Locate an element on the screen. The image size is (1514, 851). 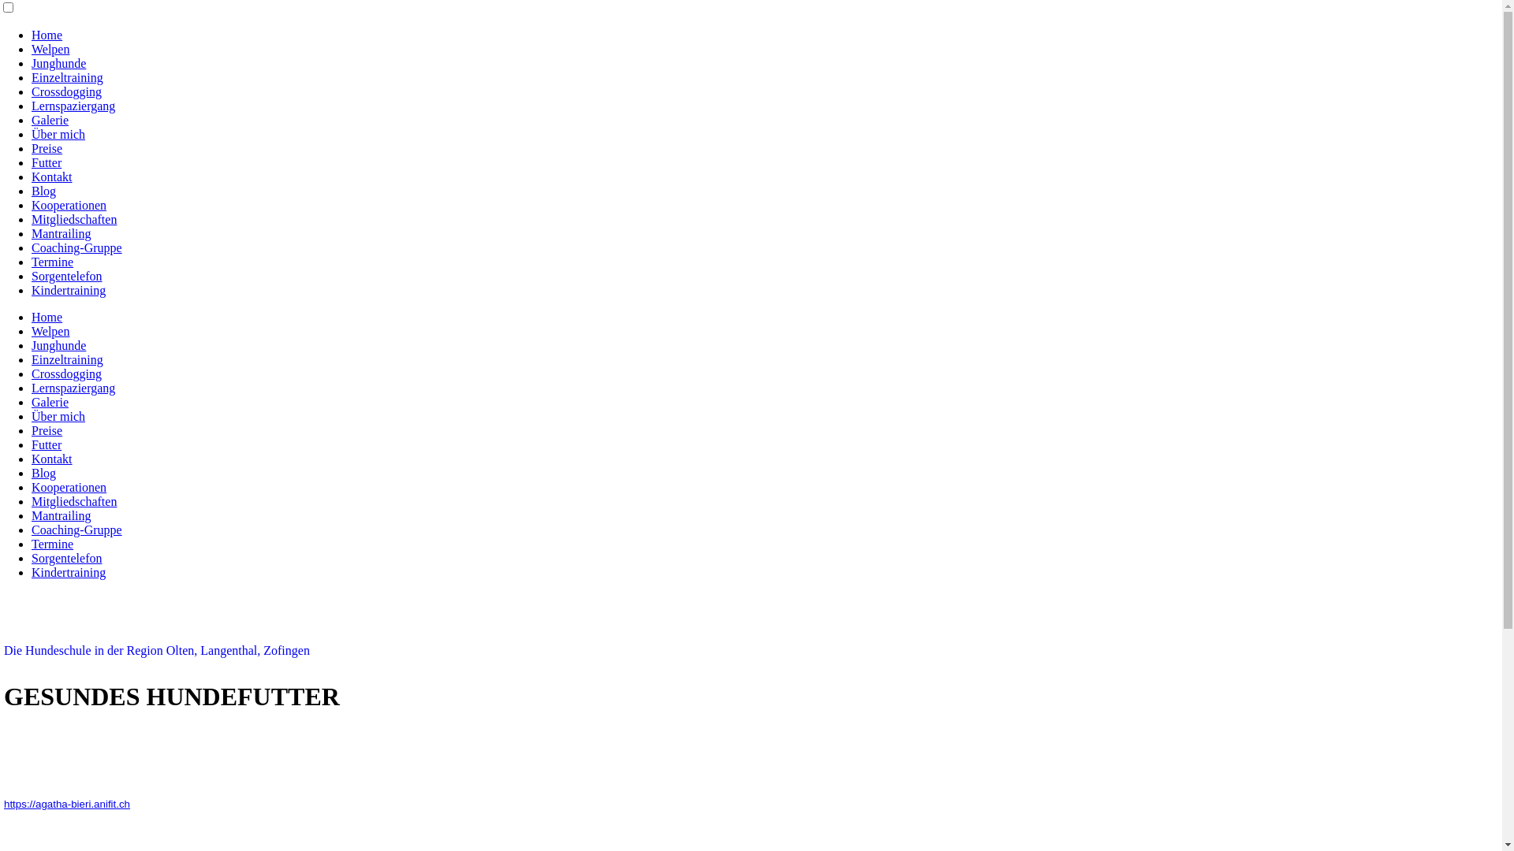
'https://agatha-bieri.anifit.ch' is located at coordinates (66, 804).